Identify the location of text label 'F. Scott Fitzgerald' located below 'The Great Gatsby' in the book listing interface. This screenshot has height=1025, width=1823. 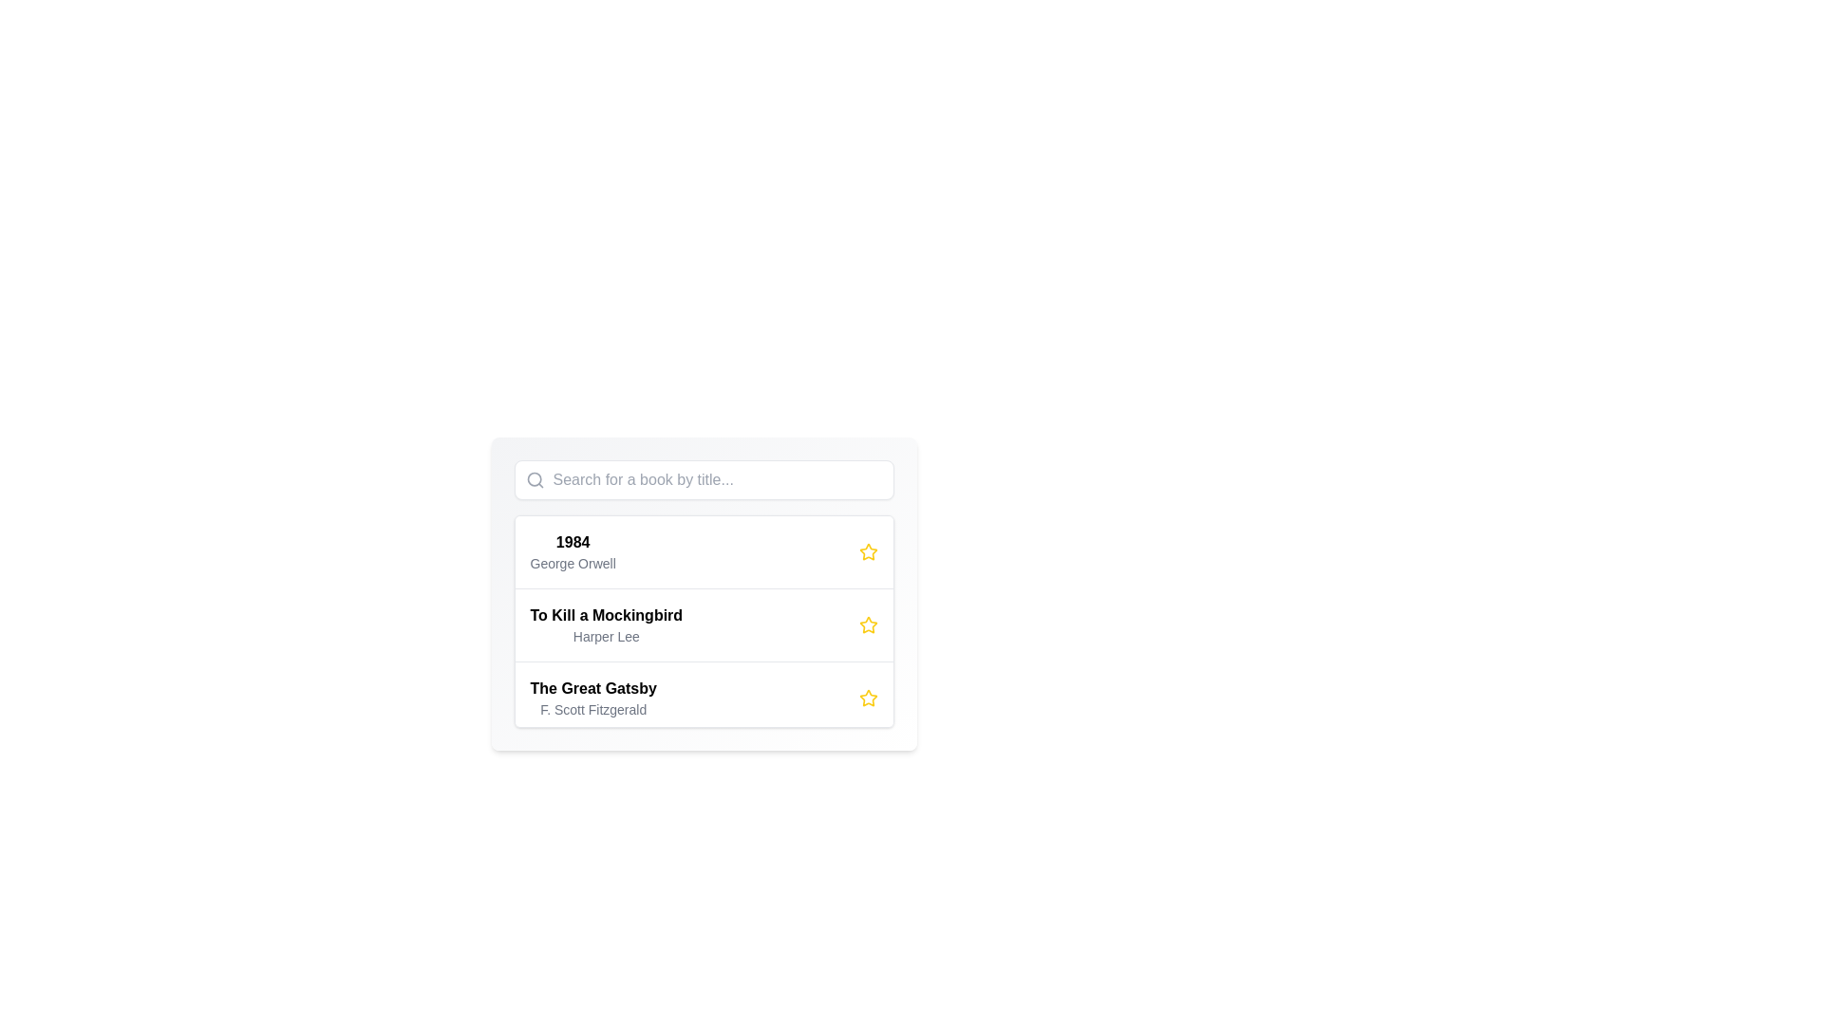
(592, 710).